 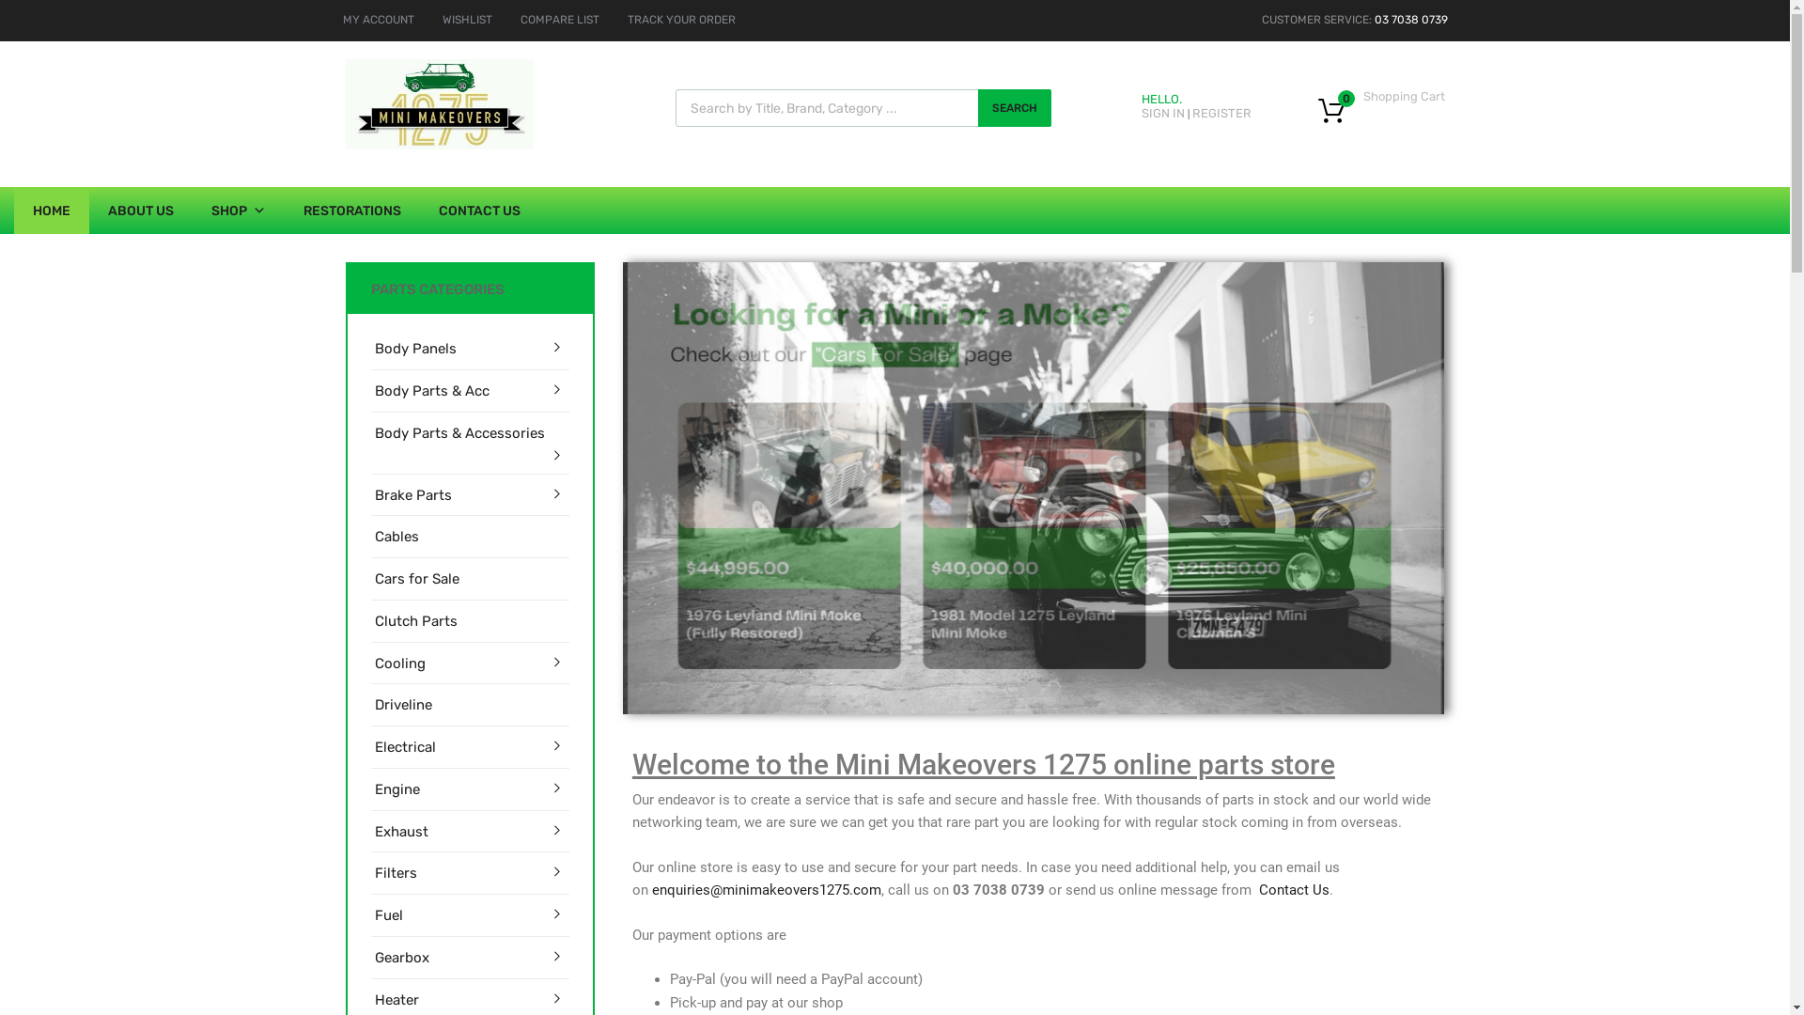 I want to click on 'Cables', so click(x=395, y=537).